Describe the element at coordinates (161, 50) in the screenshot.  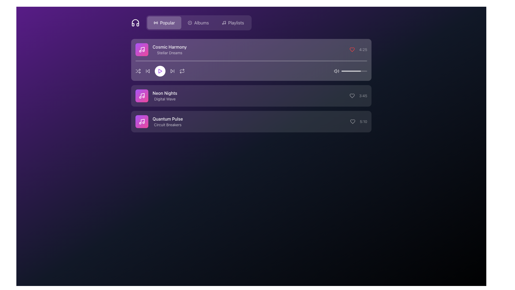
I see `on the first list item element titled 'Cosmic Harmony'` at that location.